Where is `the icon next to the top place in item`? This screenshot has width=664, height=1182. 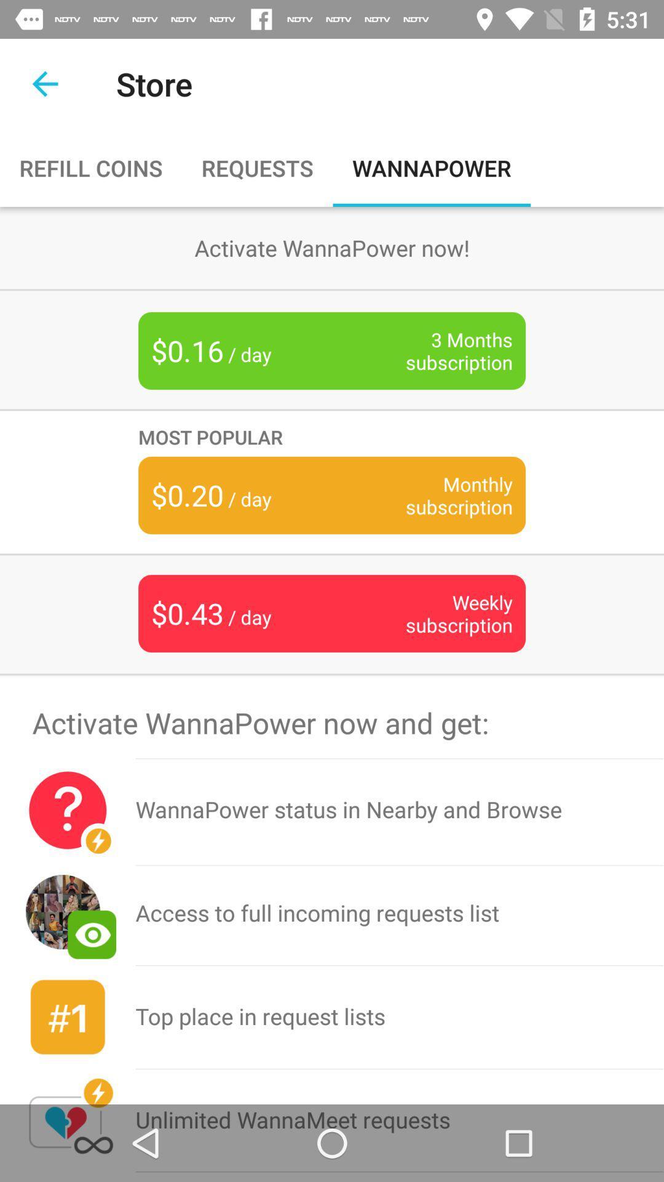
the icon next to the top place in item is located at coordinates (68, 1120).